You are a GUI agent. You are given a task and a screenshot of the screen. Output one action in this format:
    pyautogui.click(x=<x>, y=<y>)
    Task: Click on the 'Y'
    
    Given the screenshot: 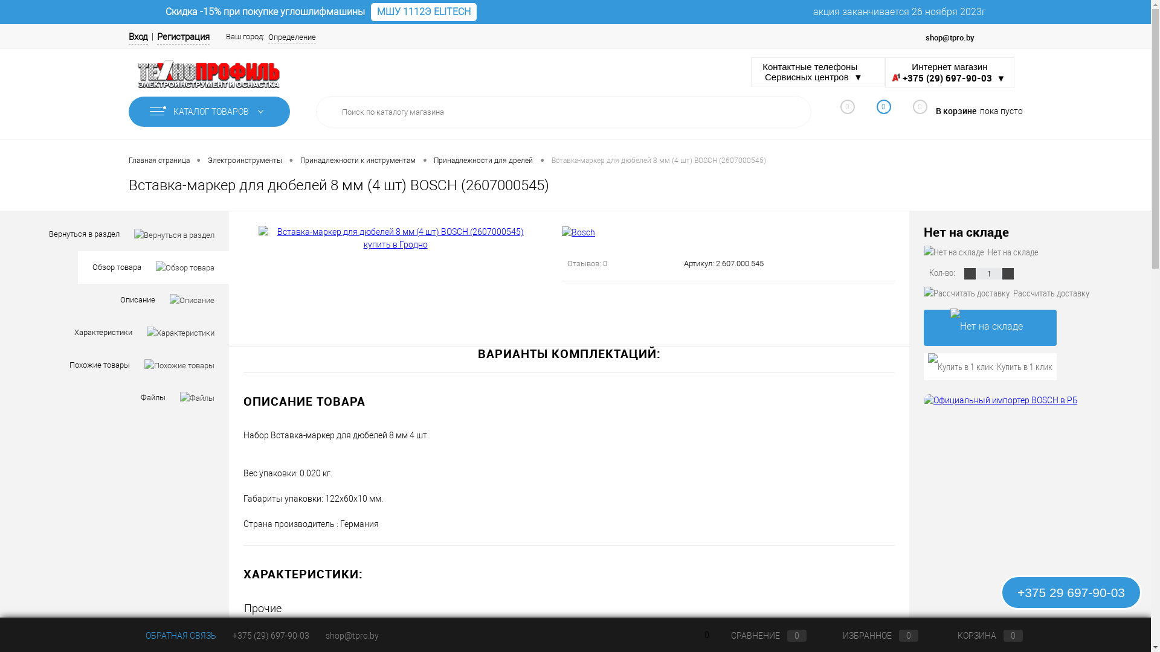 What is the action you would take?
    pyautogui.click(x=793, y=112)
    